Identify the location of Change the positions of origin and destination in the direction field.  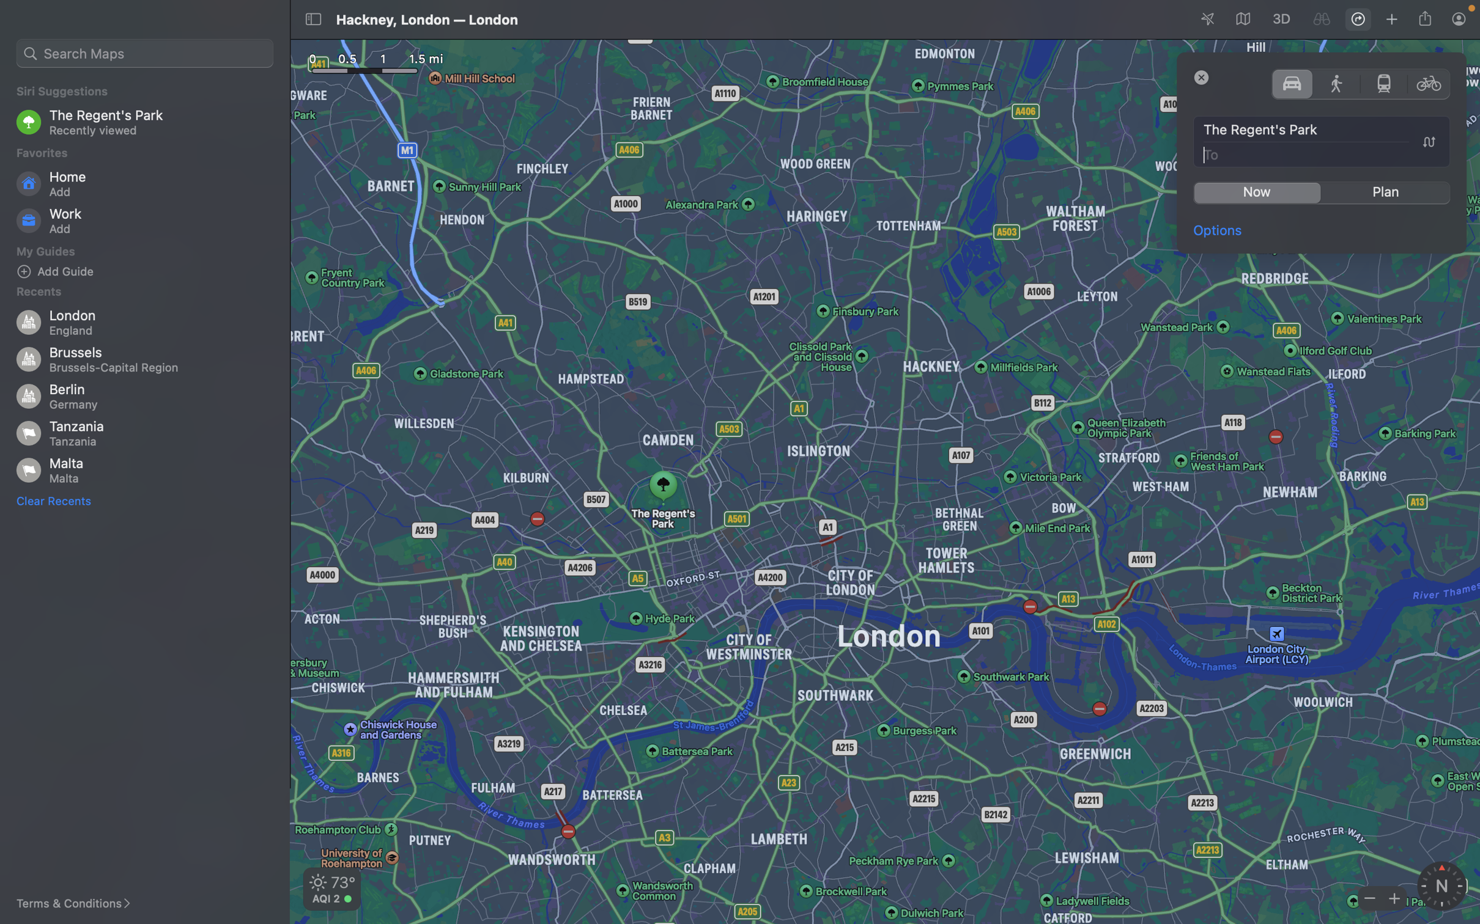
(1428, 142).